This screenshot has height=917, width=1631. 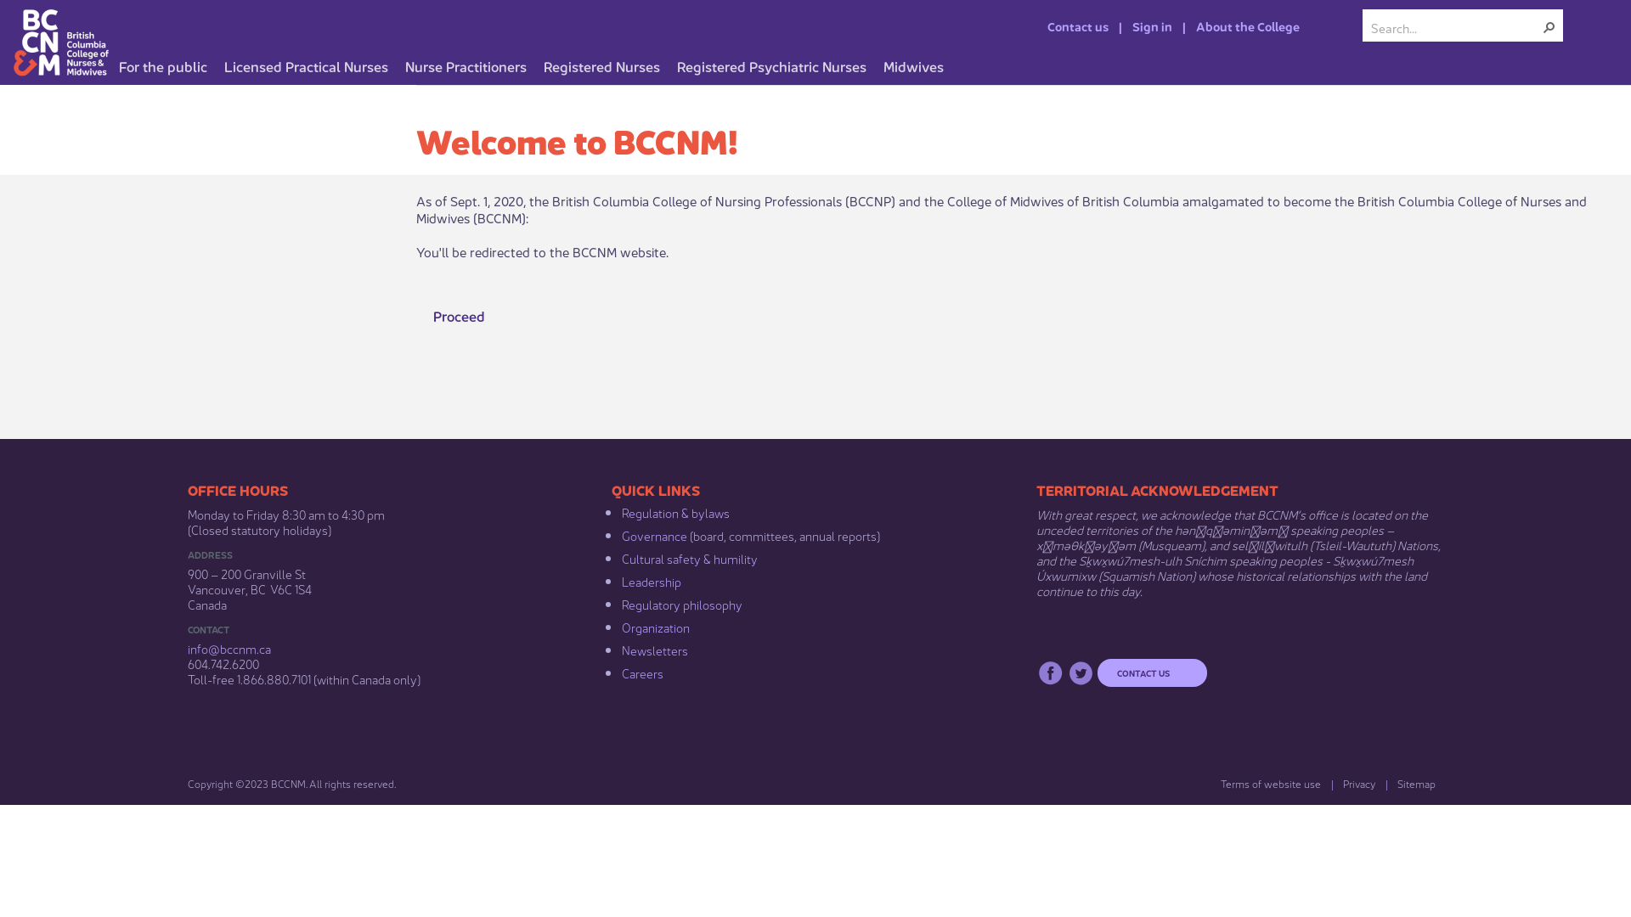 I want to click on 'Leadership', so click(x=651, y=579).